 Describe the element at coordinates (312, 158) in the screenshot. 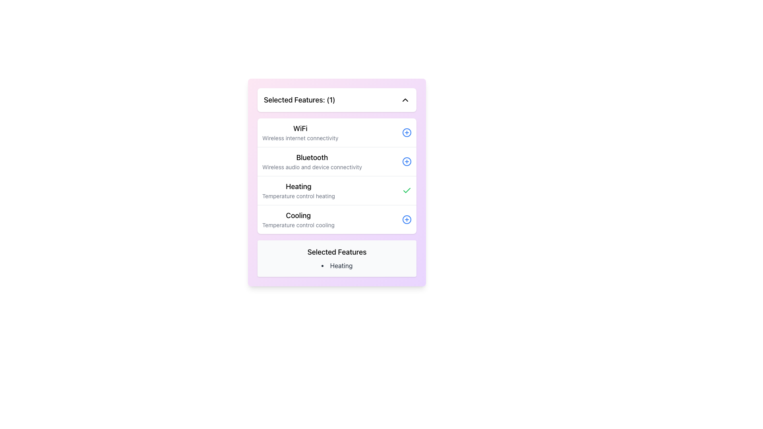

I see `label titled 'Bluetooth', which is the second item in the list of features, following 'WiFi' and before 'Heating'` at that location.